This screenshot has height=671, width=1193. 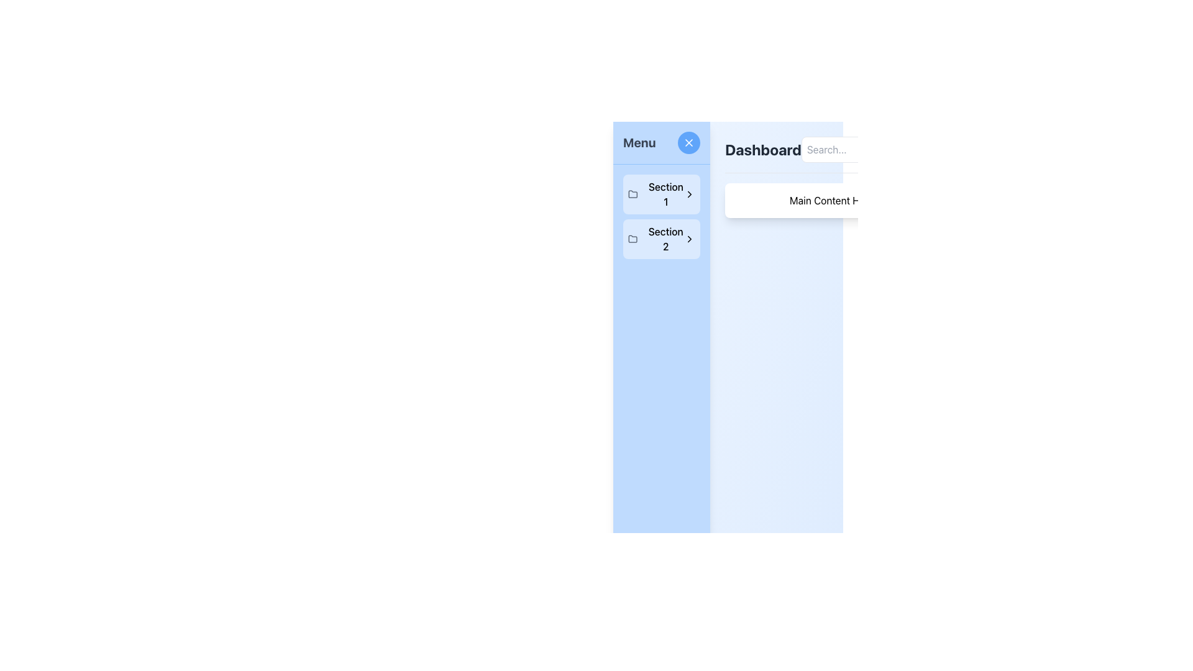 I want to click on the text label 'Section 2' which is styled with medium-weight font and has a light blue background, located in the second button-like structure of a vertically stacked navigation menu, so click(x=665, y=239).